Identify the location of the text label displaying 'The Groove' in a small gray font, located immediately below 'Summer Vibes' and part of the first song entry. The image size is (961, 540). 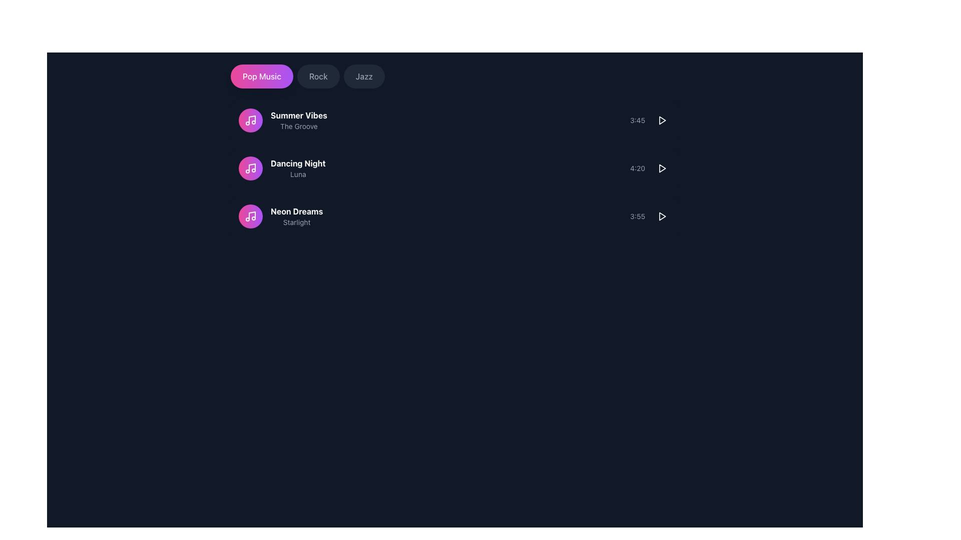
(298, 126).